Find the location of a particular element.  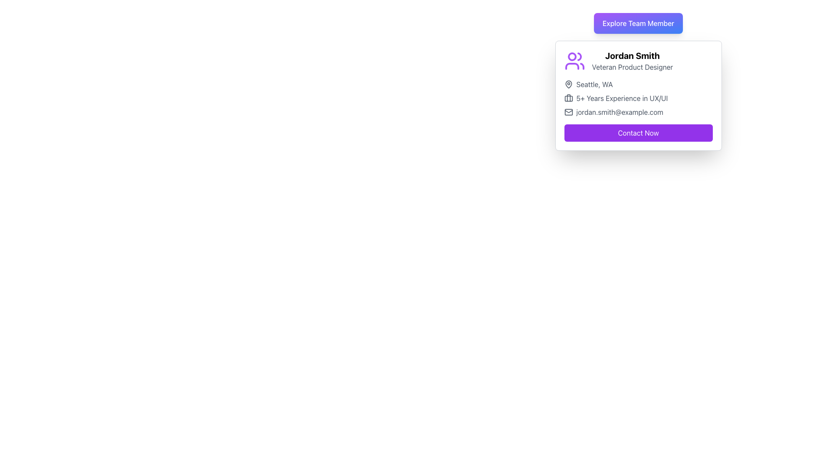

the call-to-action button located at the bottom of the profile card is located at coordinates (638, 133).